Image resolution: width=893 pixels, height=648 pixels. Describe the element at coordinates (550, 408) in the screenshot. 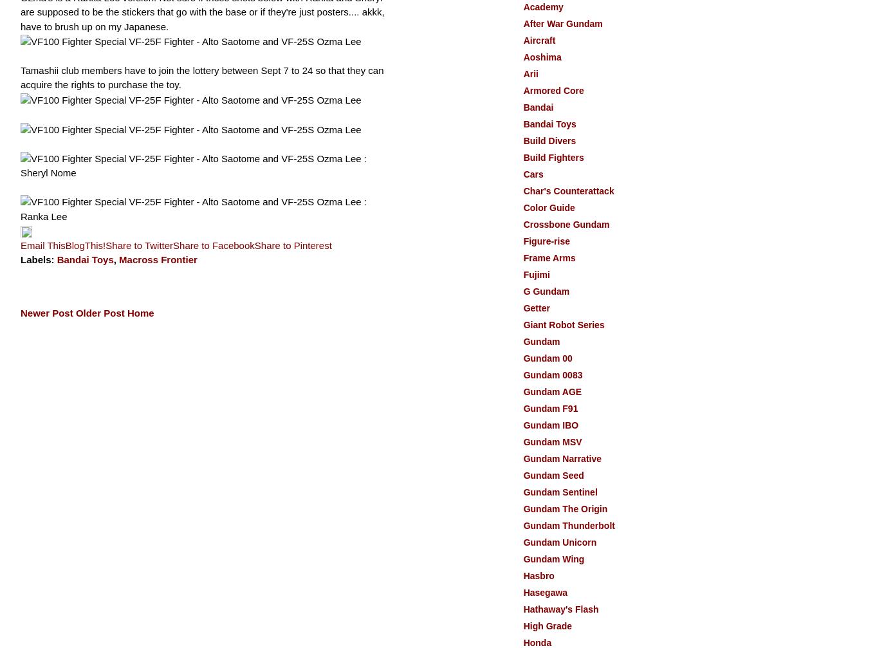

I see `'Gundam F91'` at that location.